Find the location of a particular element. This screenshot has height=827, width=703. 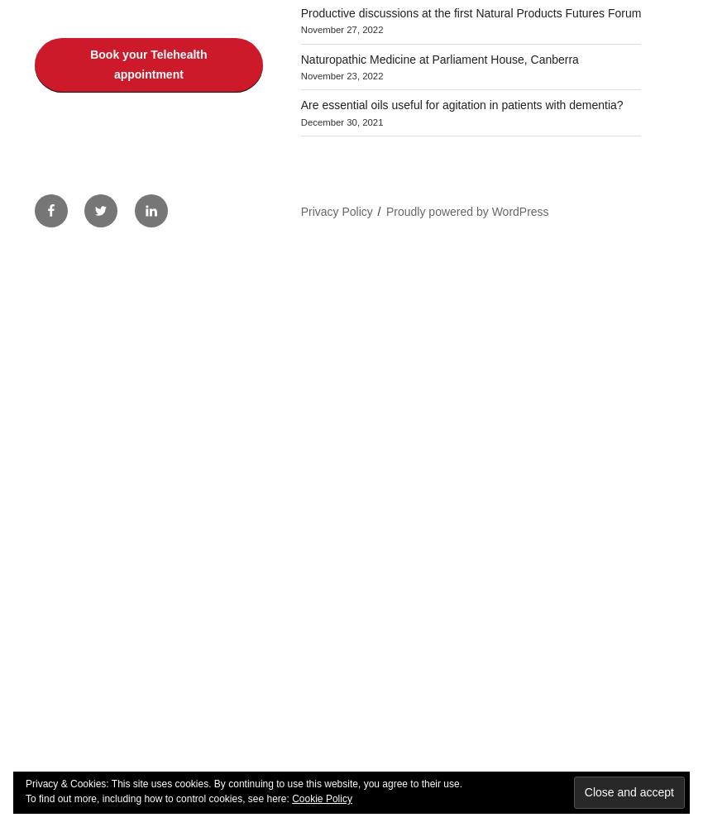

'Naturopathic Medicine at Parliament House, Canberra' is located at coordinates (299, 58).